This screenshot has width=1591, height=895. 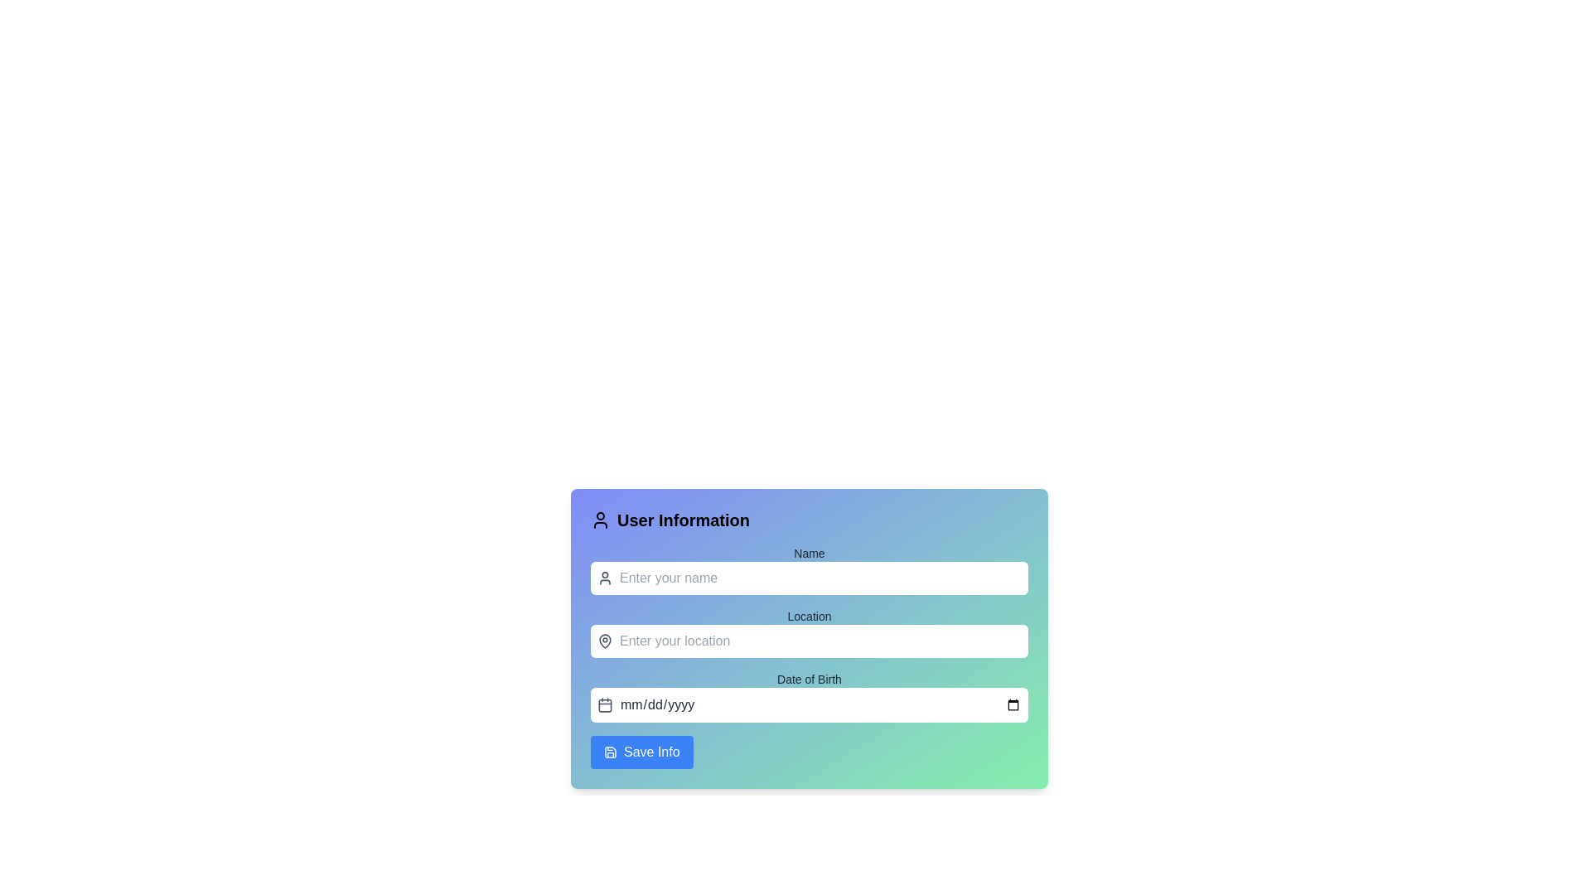 What do you see at coordinates (641, 752) in the screenshot?
I see `the submit button located at the bottom of the form layout` at bounding box center [641, 752].